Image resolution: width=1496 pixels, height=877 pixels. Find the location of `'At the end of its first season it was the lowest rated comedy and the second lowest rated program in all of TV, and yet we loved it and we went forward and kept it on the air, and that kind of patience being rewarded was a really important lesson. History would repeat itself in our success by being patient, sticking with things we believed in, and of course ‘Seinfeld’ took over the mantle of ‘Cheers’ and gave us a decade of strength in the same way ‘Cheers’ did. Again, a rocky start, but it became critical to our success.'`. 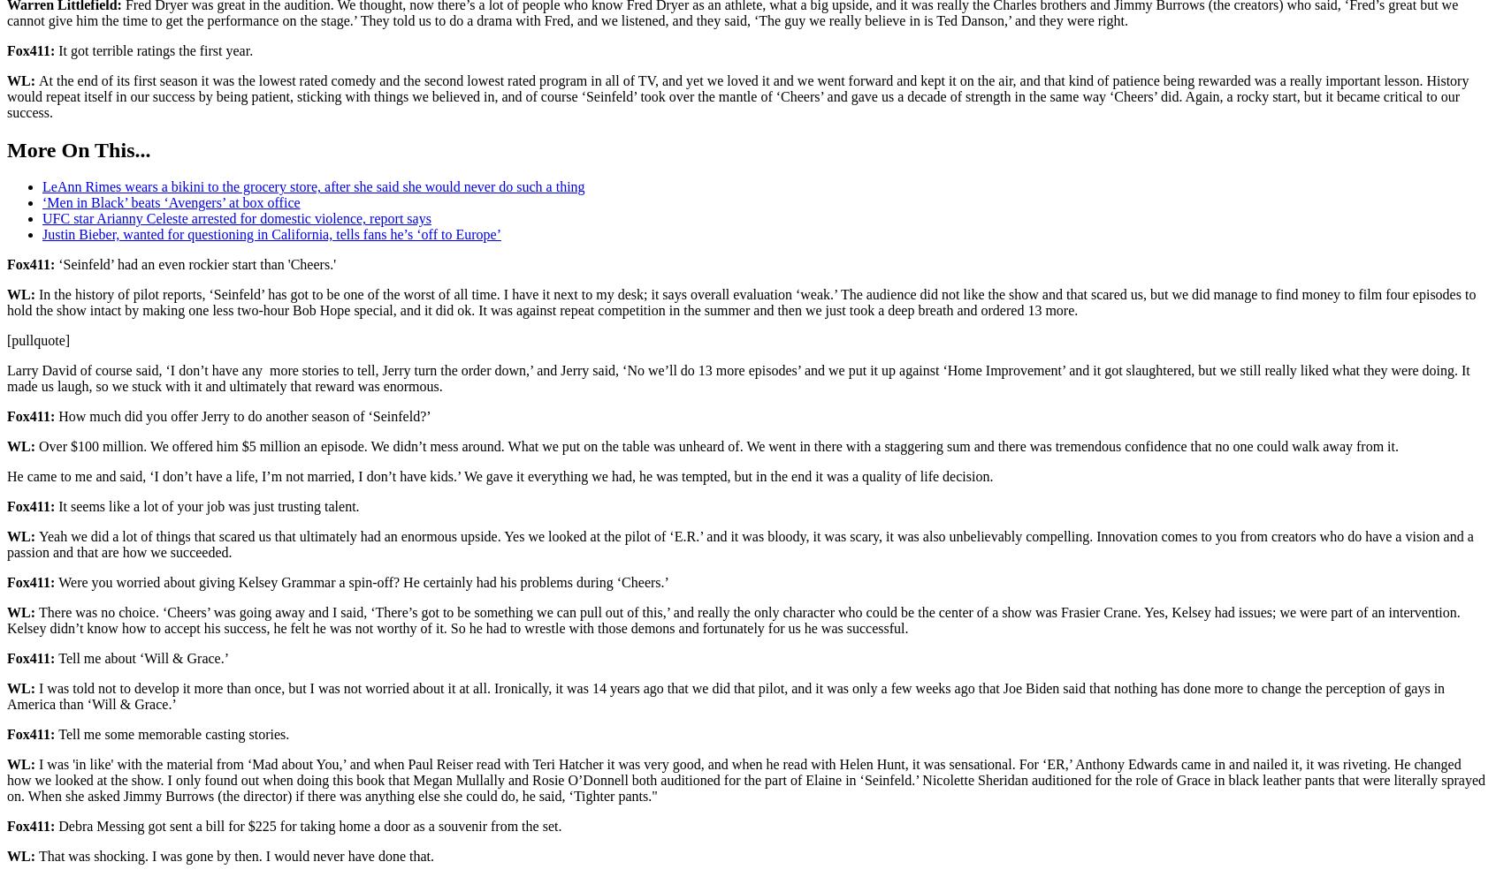

'At the end of its first season it was the lowest rated comedy and the second lowest rated program in all of TV, and yet we loved it and we went forward and kept it on the air, and that kind of patience being rewarded was a really important lesson. History would repeat itself in our success by being patient, sticking with things we believed in, and of course ‘Seinfeld’ took over the mantle of ‘Cheers’ and gave us a decade of strength in the same way ‘Cheers’ did. Again, a rocky start, but it became critical to our success.' is located at coordinates (5, 95).